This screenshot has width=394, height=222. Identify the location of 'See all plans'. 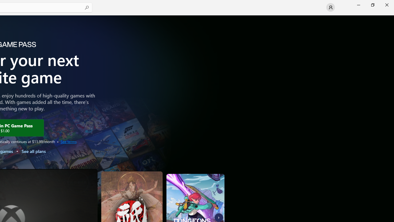
(33, 151).